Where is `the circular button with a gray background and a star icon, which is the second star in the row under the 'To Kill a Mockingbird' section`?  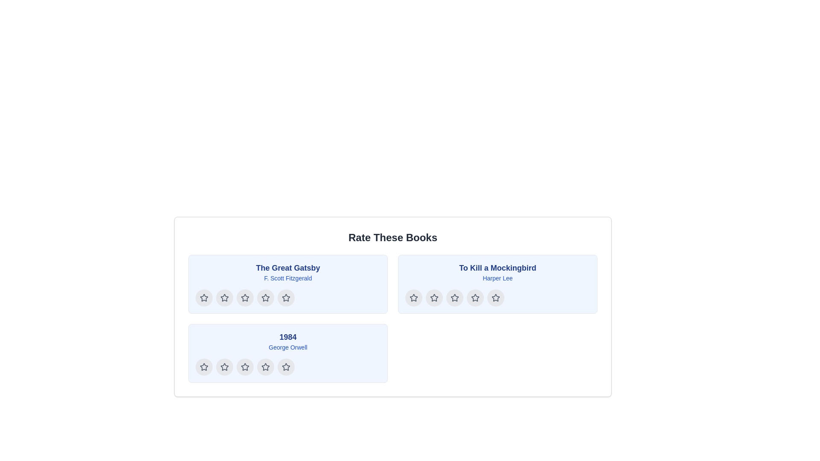
the circular button with a gray background and a star icon, which is the second star in the row under the 'To Kill a Mockingbird' section is located at coordinates (434, 298).